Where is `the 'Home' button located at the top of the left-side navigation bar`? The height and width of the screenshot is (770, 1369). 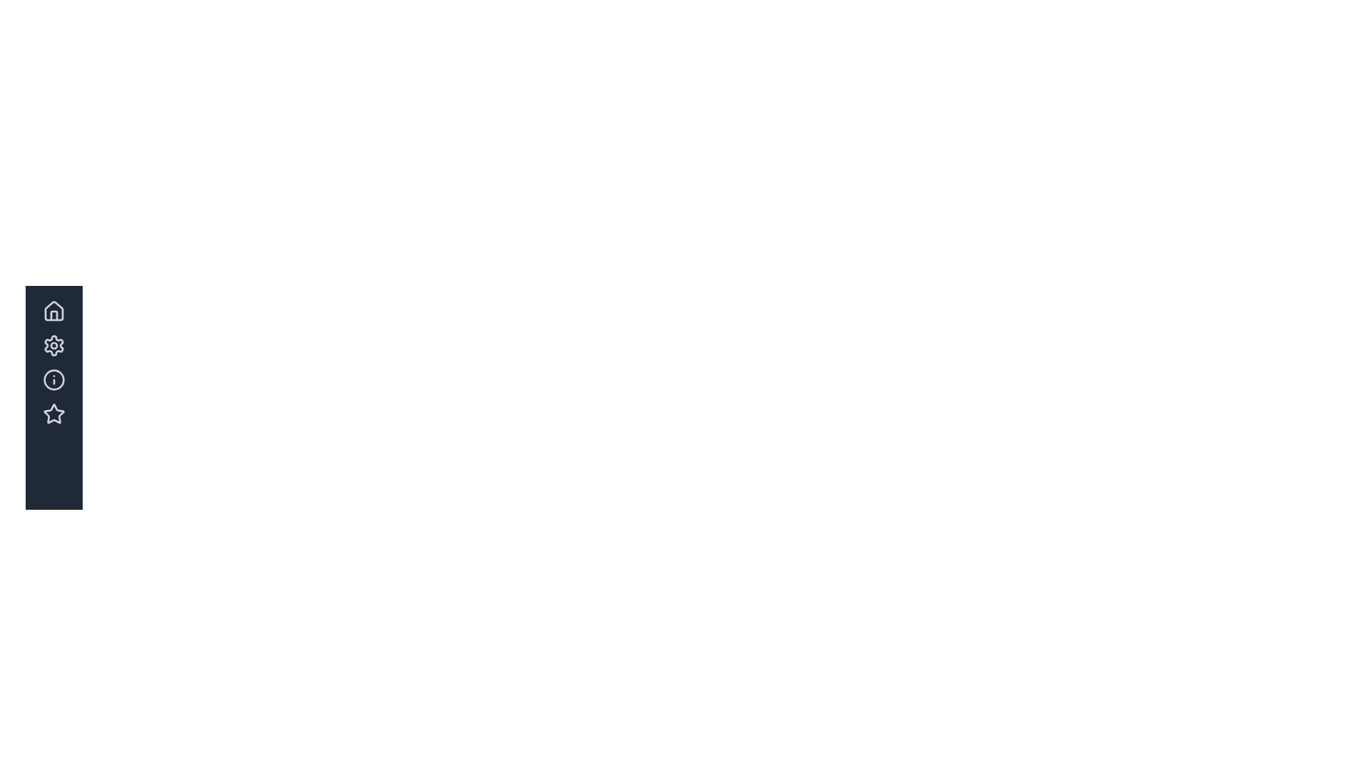
the 'Home' button located at the top of the left-side navigation bar is located at coordinates (54, 310).